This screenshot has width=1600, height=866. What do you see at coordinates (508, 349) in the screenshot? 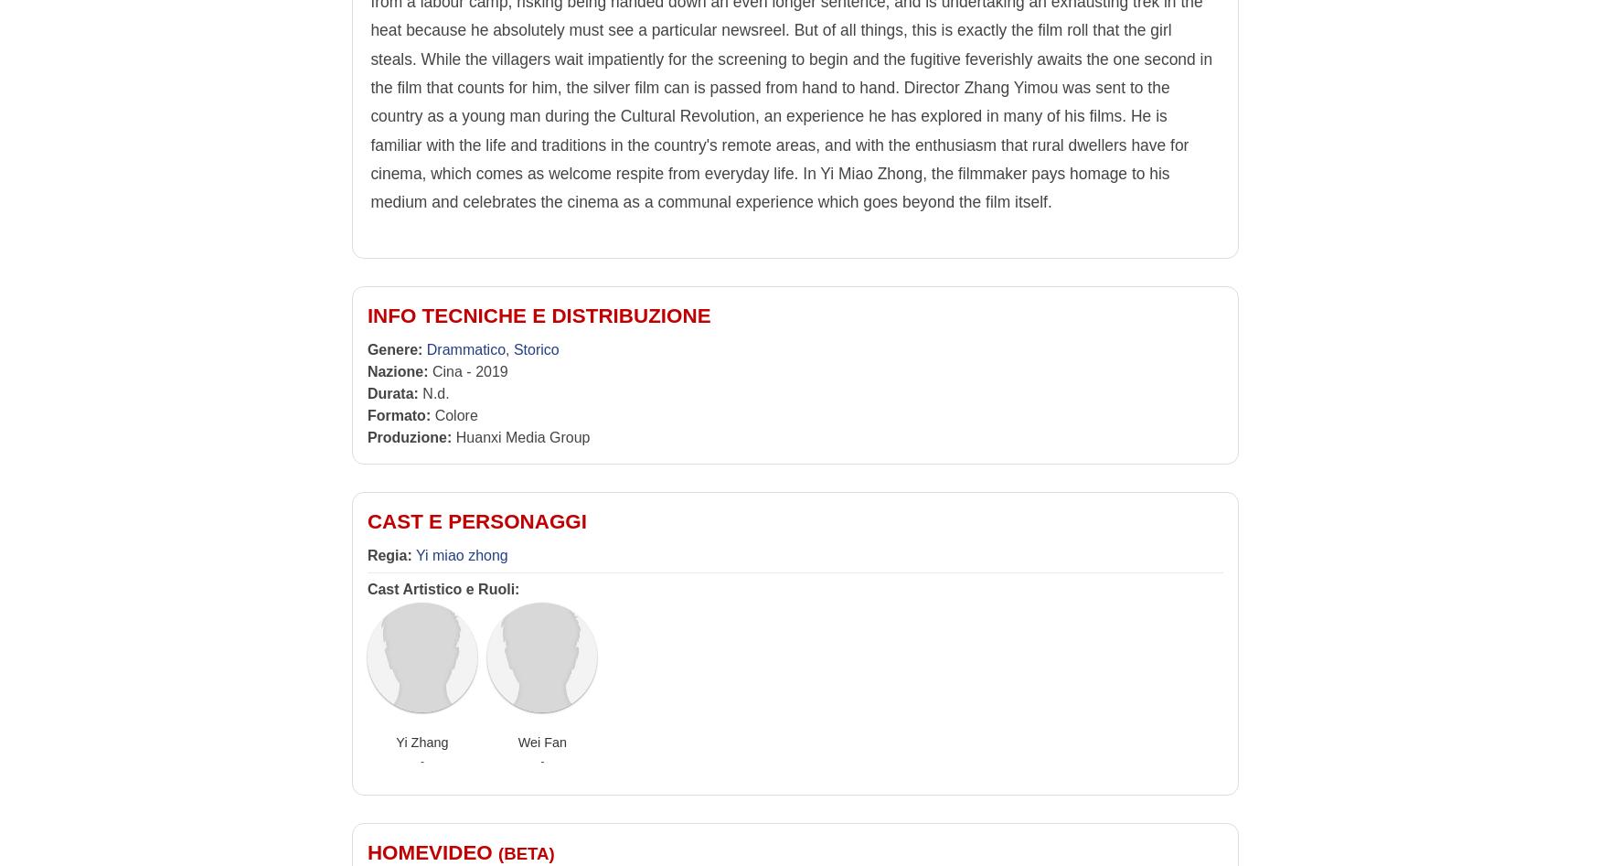
I see `','` at bounding box center [508, 349].